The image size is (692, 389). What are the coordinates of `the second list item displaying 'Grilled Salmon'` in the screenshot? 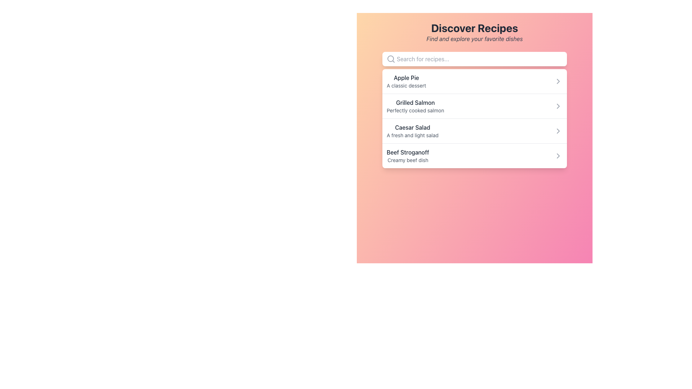 It's located at (474, 106).